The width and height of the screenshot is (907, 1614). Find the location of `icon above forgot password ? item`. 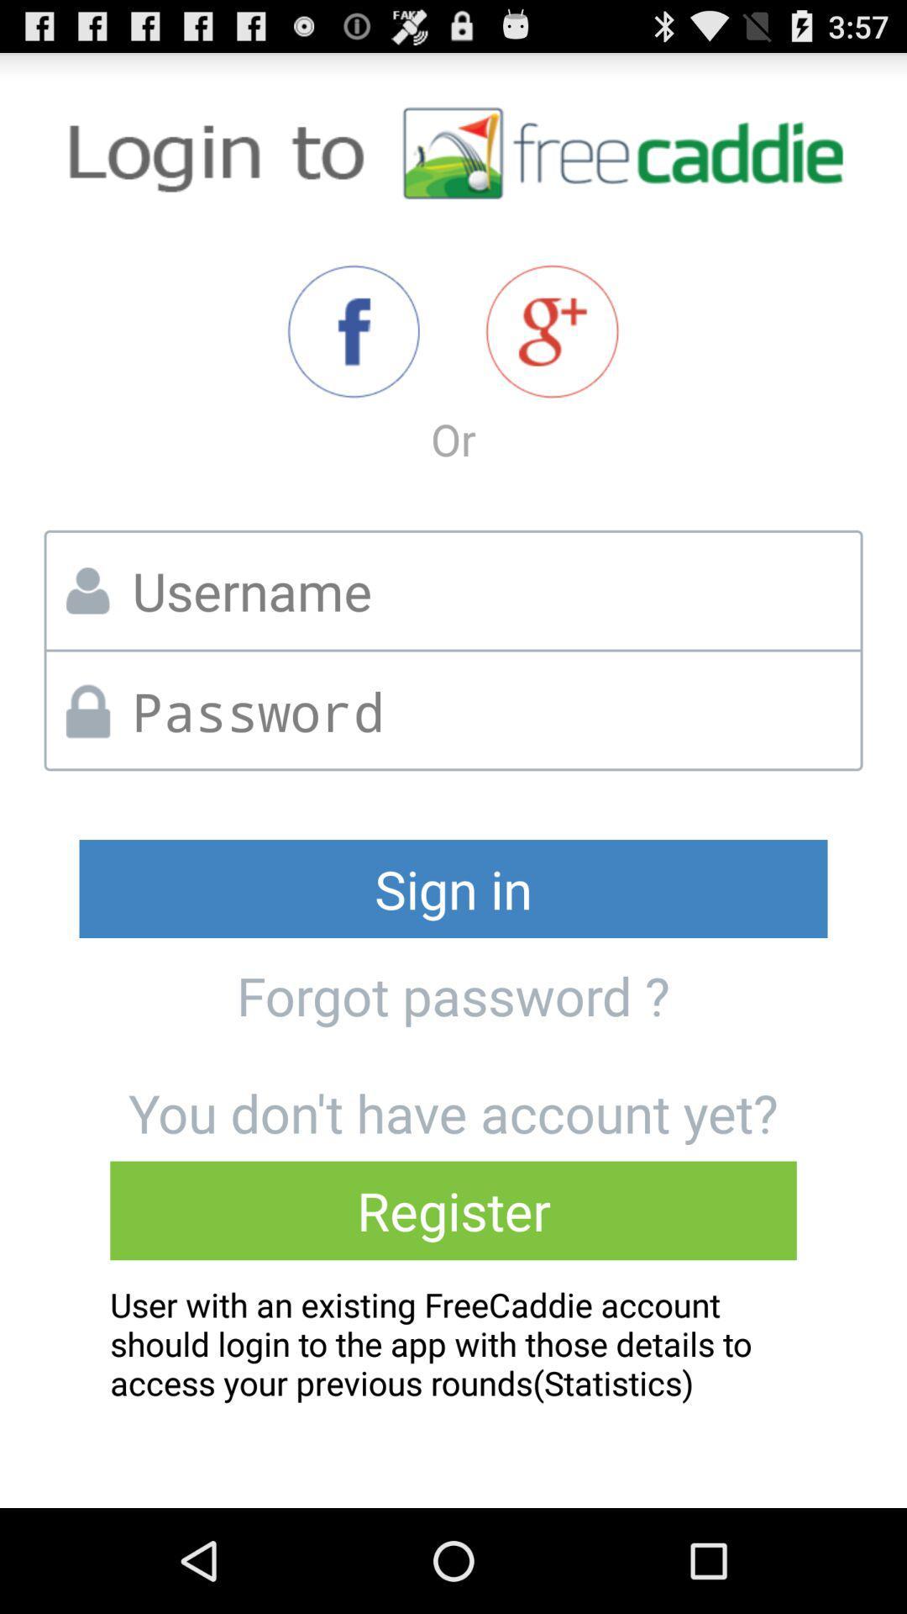

icon above forgot password ? item is located at coordinates (453, 888).